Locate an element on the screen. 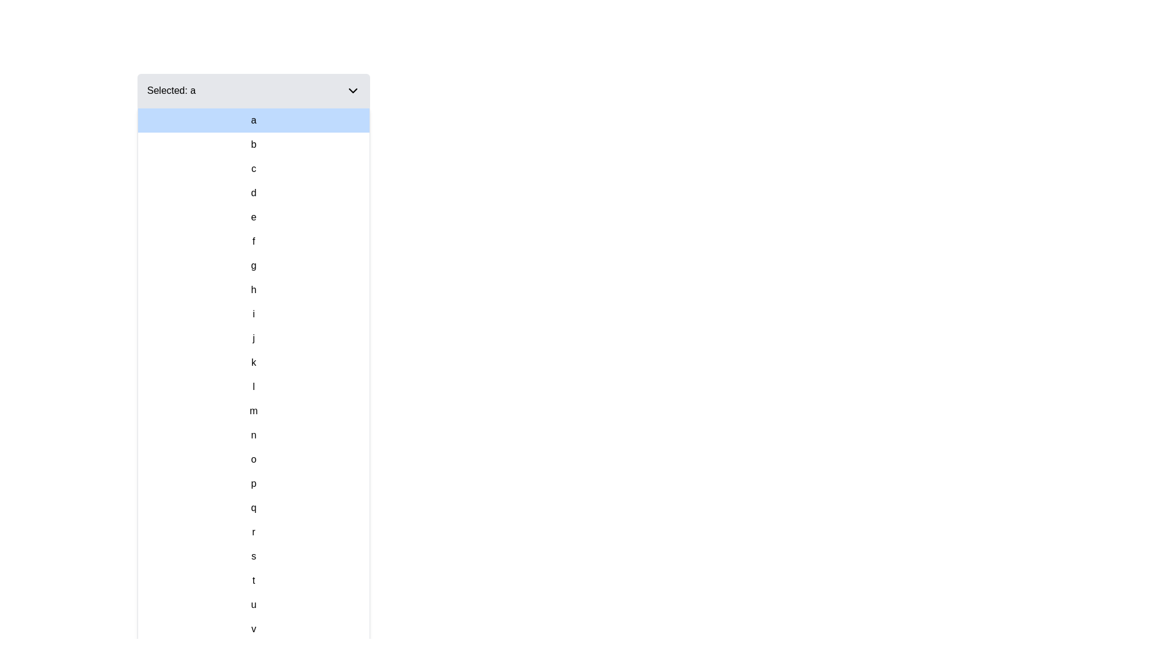 The image size is (1163, 654). the dropdown trigger area that displays 'Selected: a' is located at coordinates (253, 90).